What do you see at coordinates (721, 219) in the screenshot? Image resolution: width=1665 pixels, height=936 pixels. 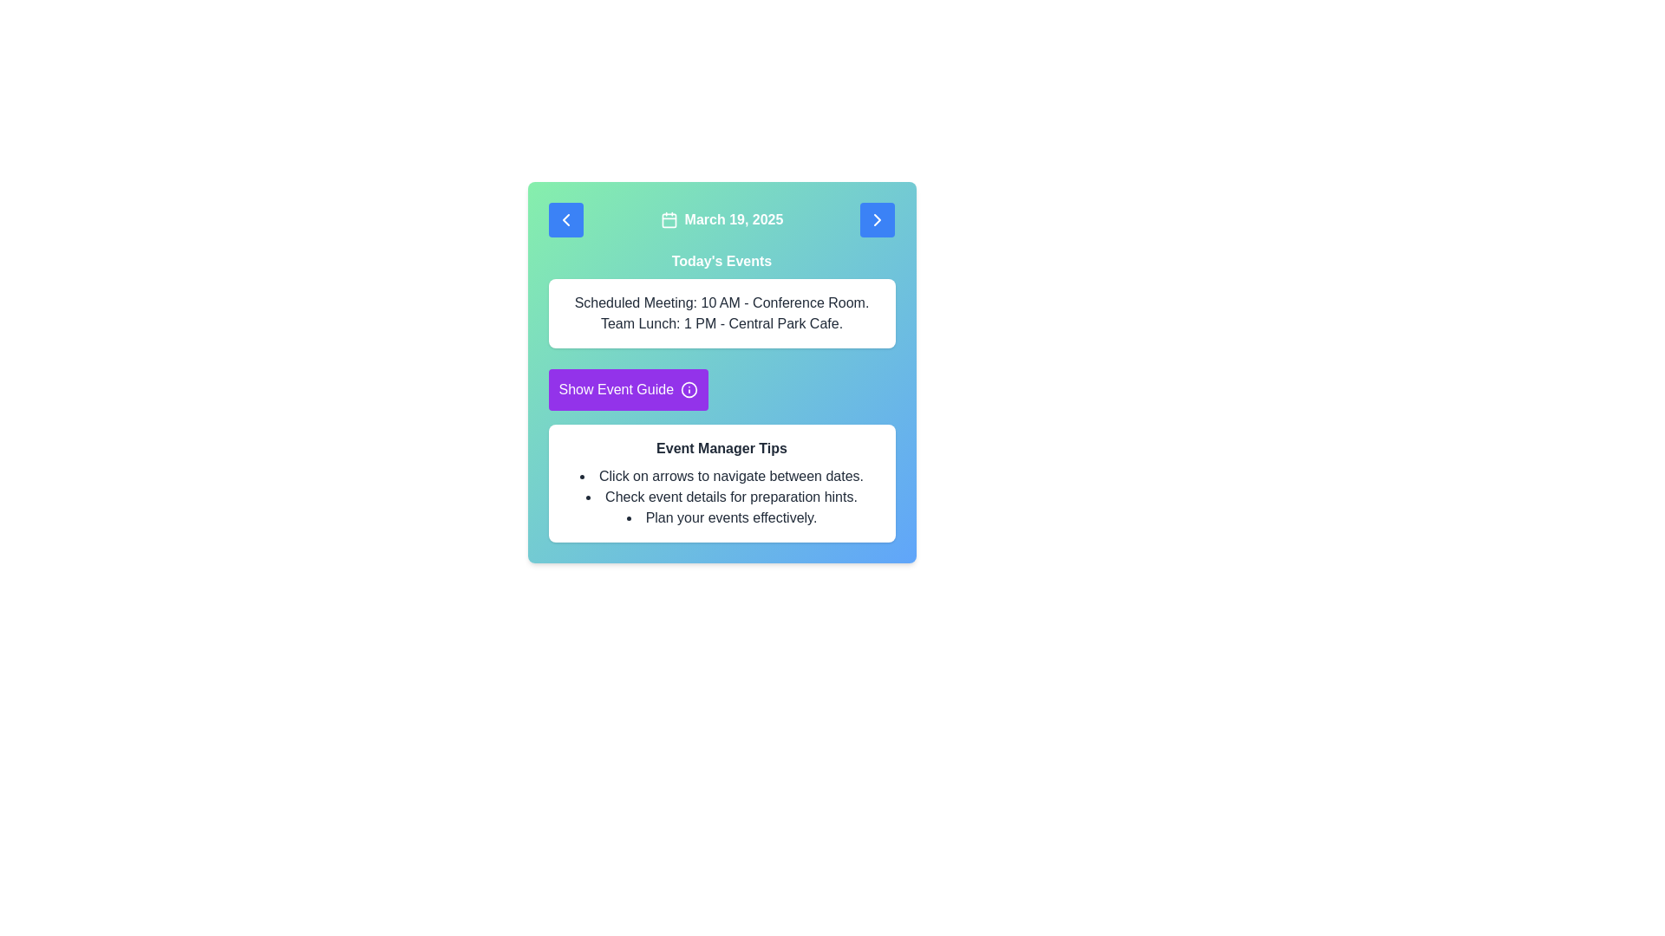 I see `displayed date 'March 19, 2025' from the Date display element, which includes a calendar icon and is styled with a bold font against a greenish gradient background` at bounding box center [721, 219].